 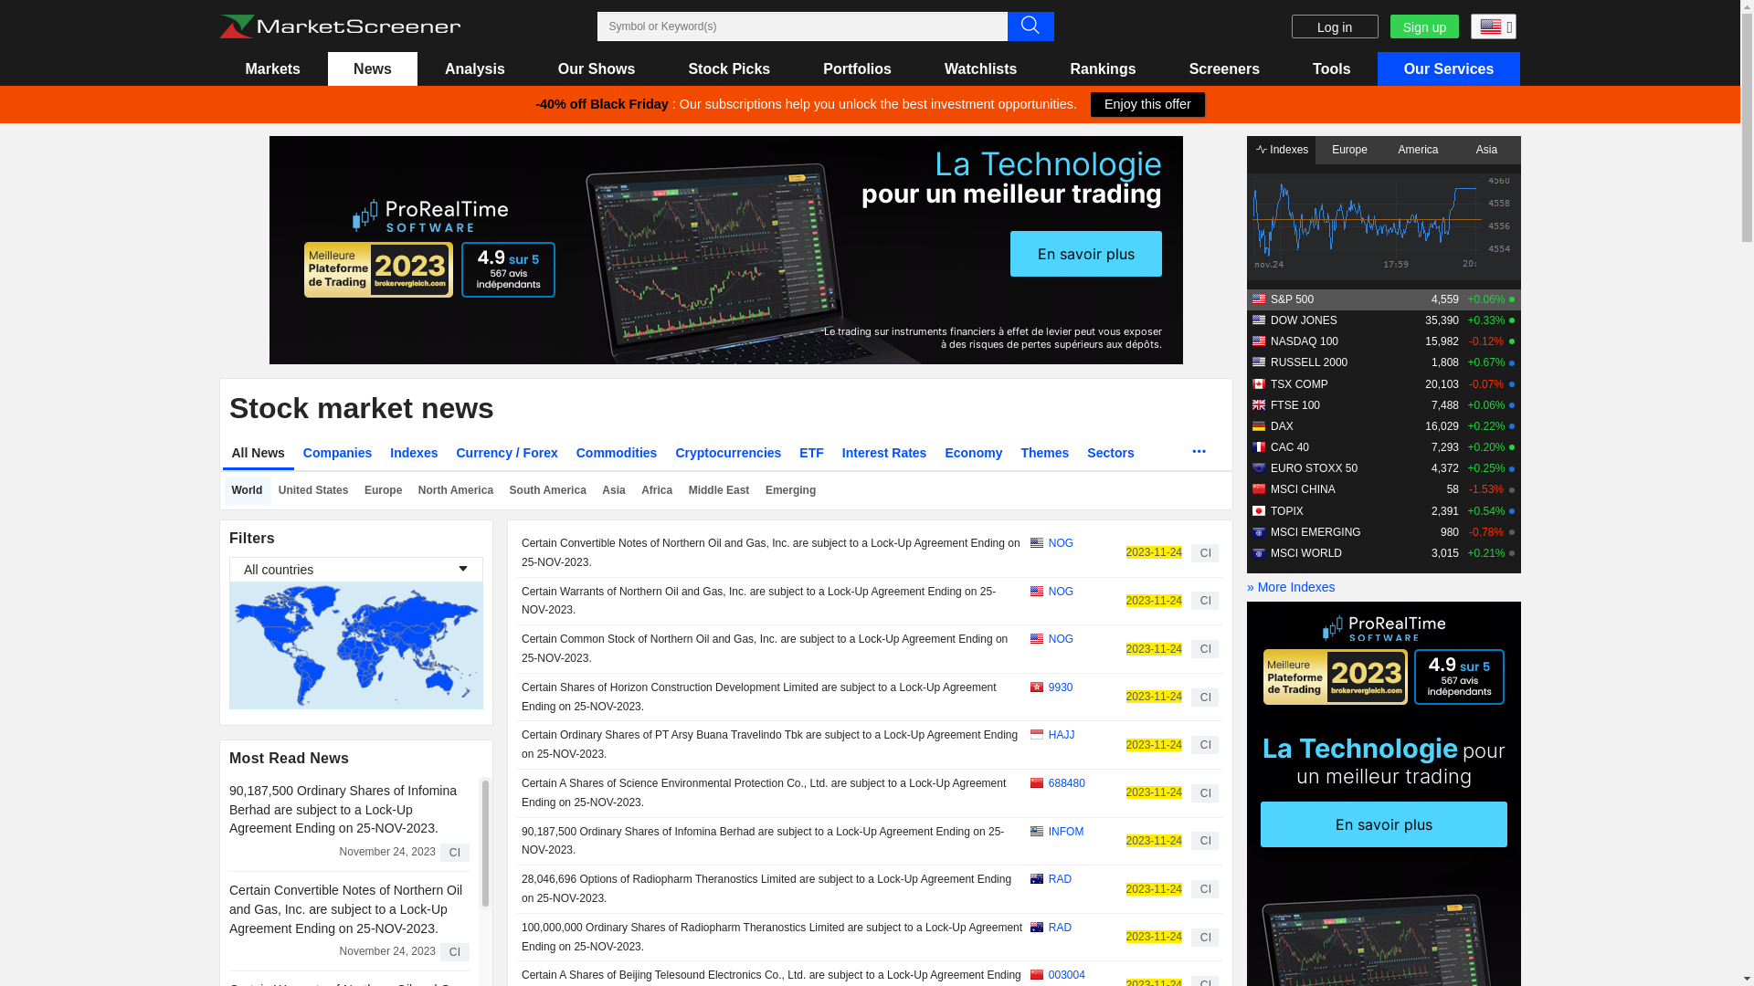 What do you see at coordinates (1447, 68) in the screenshot?
I see `'Our Services'` at bounding box center [1447, 68].